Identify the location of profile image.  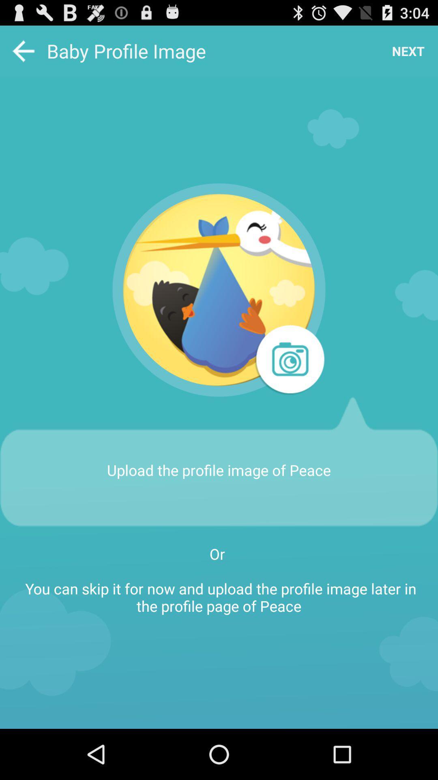
(219, 290).